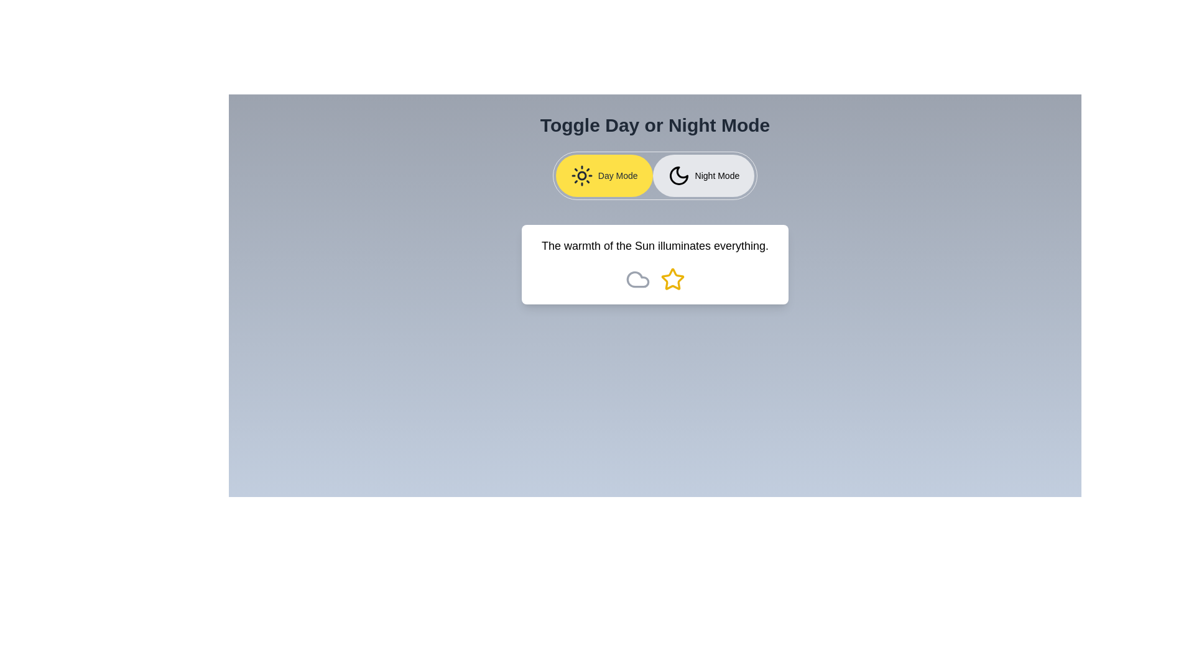 The width and height of the screenshot is (1194, 671). I want to click on the button labeled Night Mode to observe its hover effect, so click(703, 175).